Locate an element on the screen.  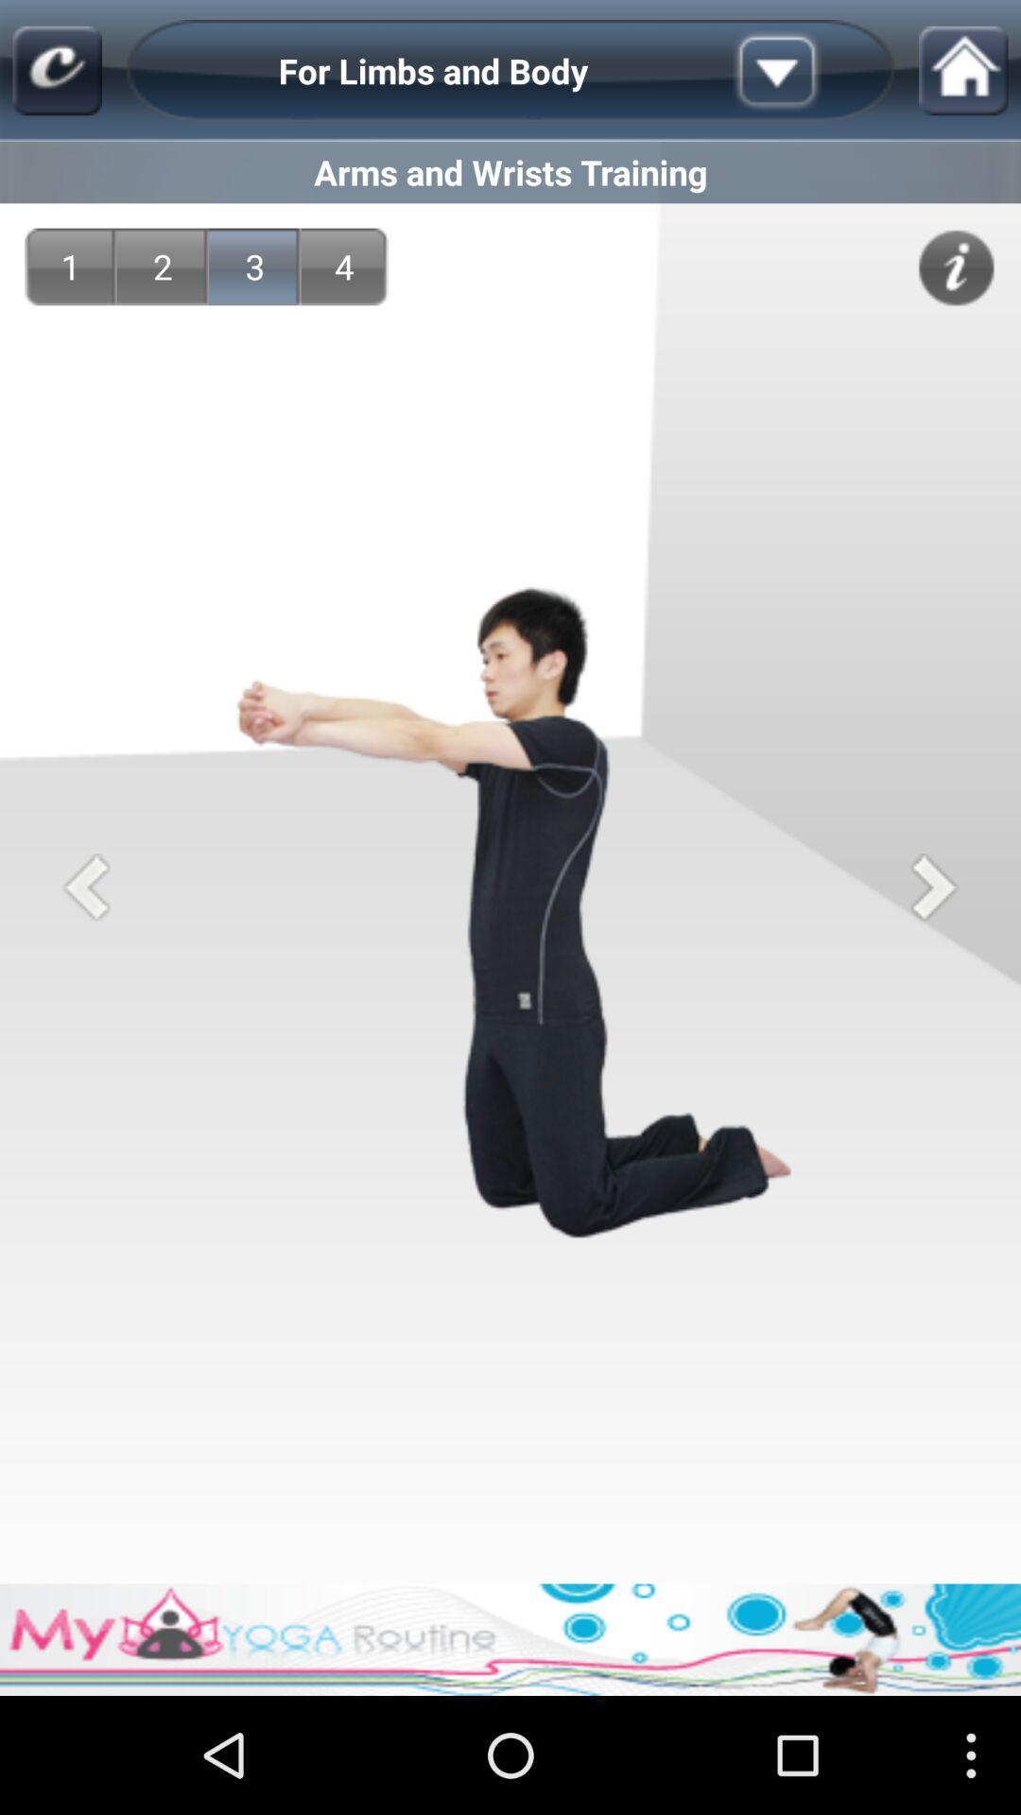
item next to the 1 is located at coordinates (162, 266).